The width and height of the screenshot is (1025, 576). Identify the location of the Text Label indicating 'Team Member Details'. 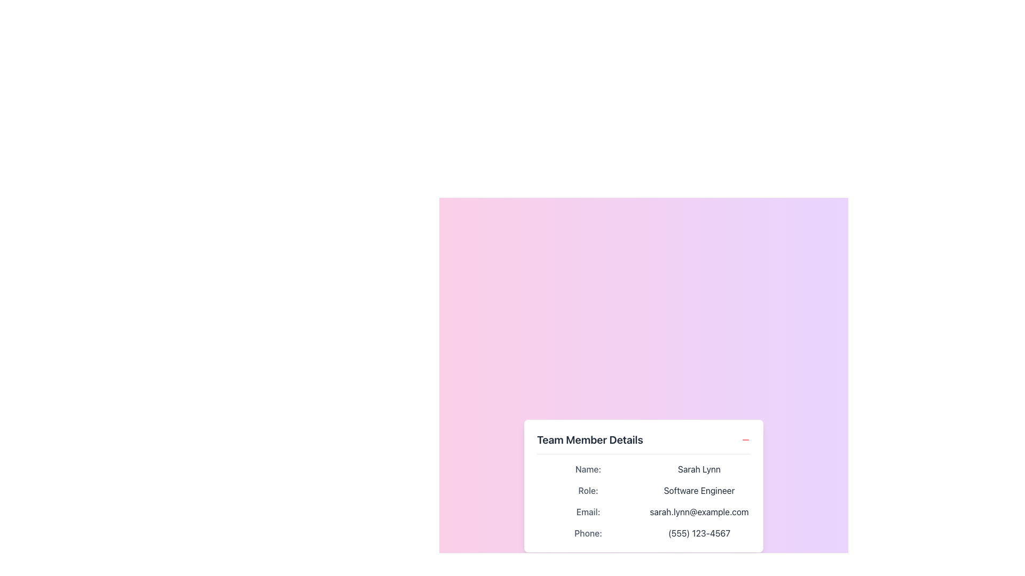
(589, 439).